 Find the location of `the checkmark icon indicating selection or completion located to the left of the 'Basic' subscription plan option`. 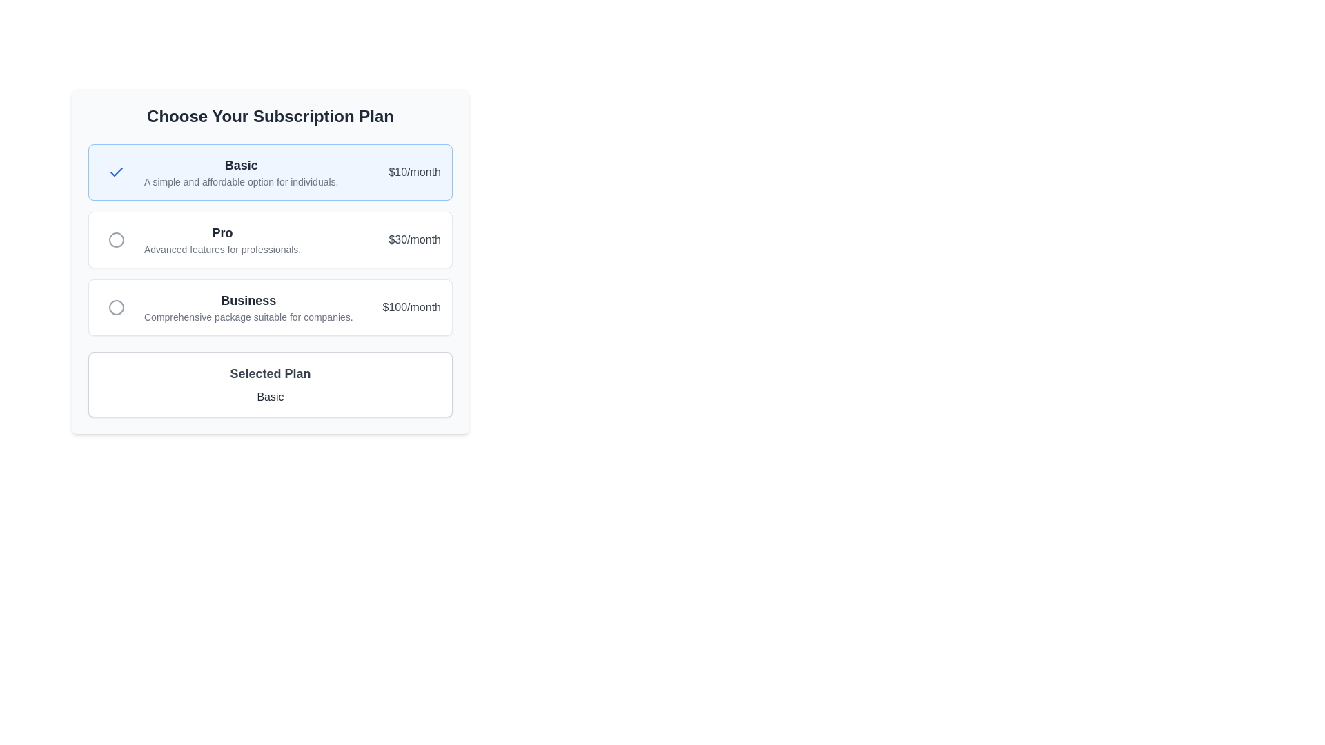

the checkmark icon indicating selection or completion located to the left of the 'Basic' subscription plan option is located at coordinates (116, 171).